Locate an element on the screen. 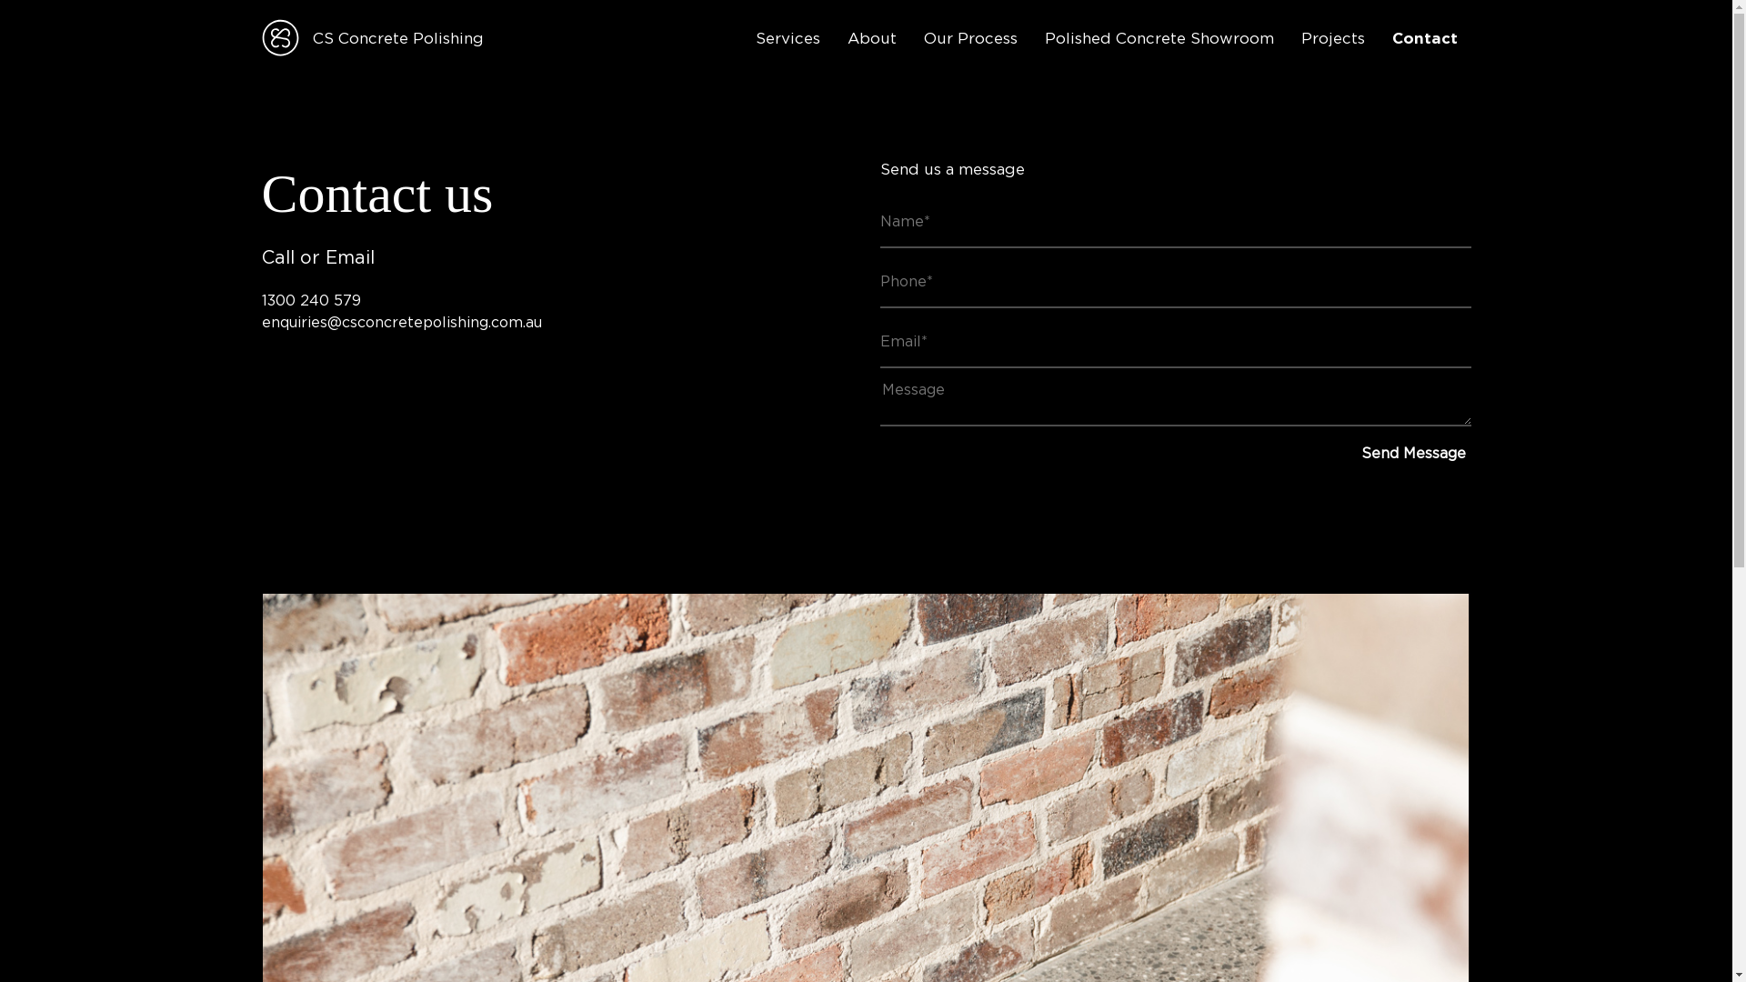 The width and height of the screenshot is (1746, 982). 'Polished Concrete Showroom' is located at coordinates (1159, 38).